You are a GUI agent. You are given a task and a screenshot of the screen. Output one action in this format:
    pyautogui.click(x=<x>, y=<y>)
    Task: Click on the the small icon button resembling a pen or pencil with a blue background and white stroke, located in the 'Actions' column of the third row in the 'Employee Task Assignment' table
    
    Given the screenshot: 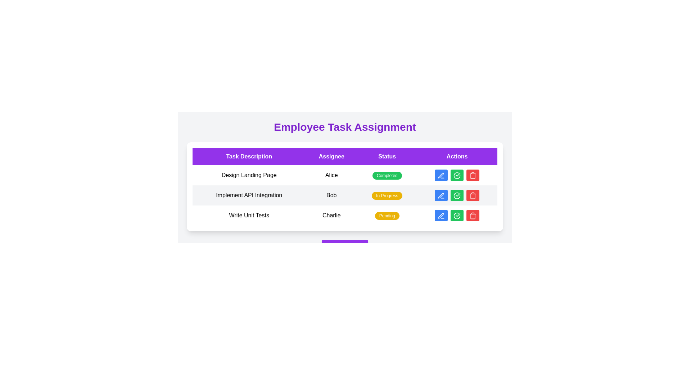 What is the action you would take?
    pyautogui.click(x=441, y=215)
    